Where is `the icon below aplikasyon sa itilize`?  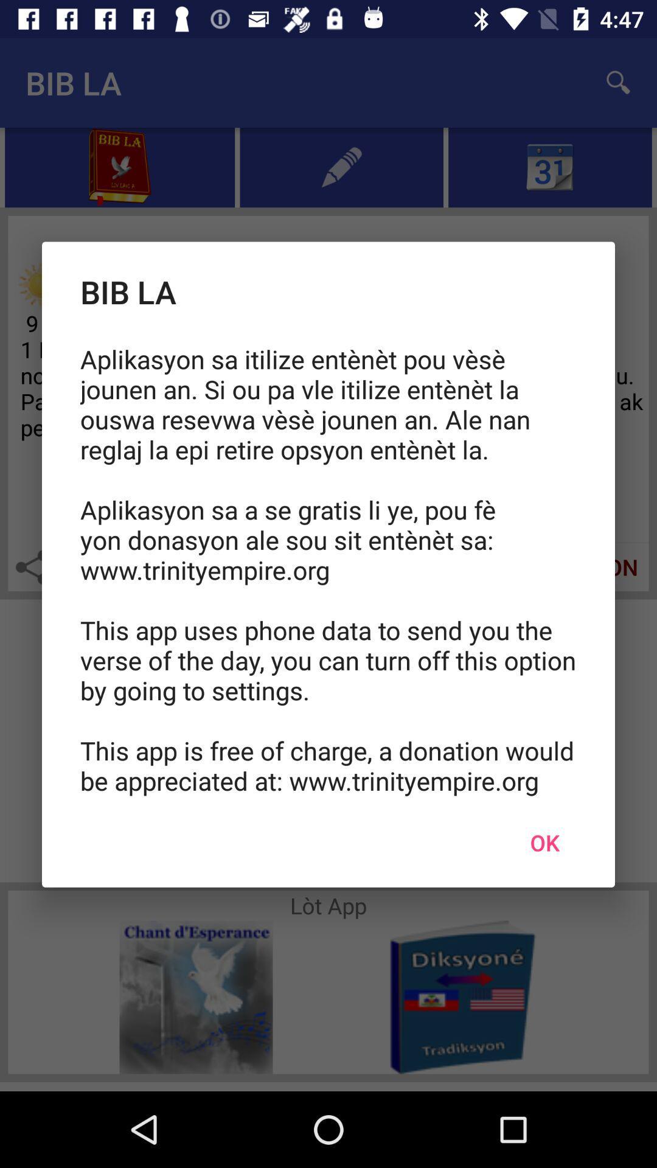
the icon below aplikasyon sa itilize is located at coordinates (544, 842).